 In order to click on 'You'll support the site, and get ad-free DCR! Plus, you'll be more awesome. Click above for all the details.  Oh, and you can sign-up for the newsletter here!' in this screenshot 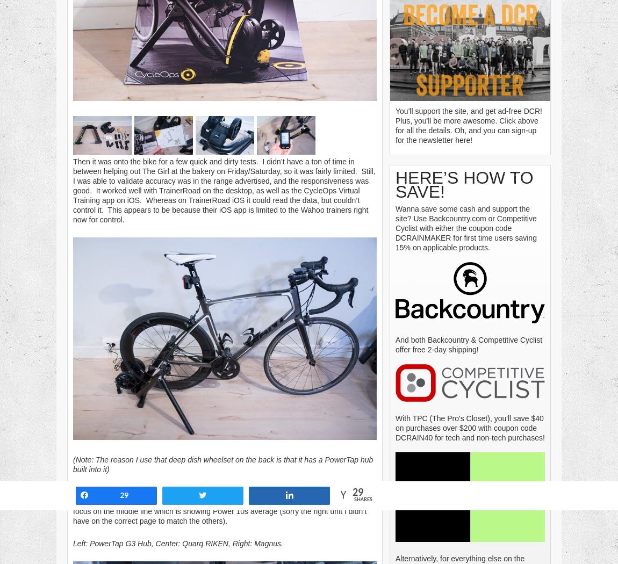, I will do `click(469, 125)`.